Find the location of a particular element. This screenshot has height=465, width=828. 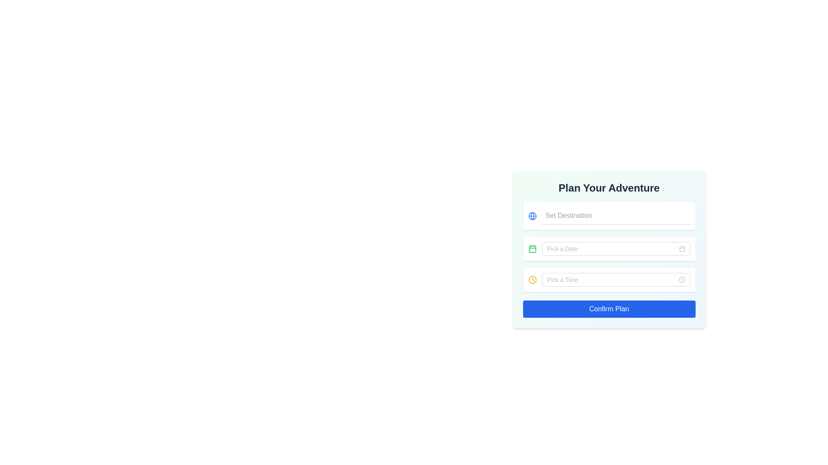

the clock icon located to the right of the 'Pick a Time' input field is located at coordinates (681, 280).